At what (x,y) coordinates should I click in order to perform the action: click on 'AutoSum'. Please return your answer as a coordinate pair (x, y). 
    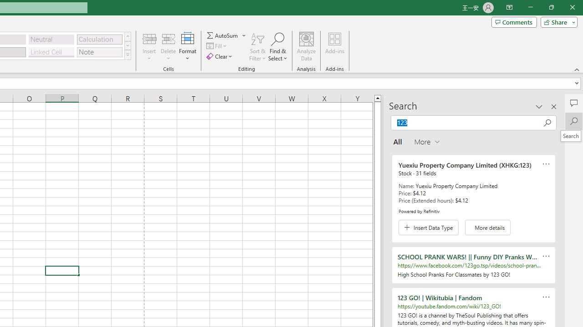
    Looking at the image, I should click on (226, 35).